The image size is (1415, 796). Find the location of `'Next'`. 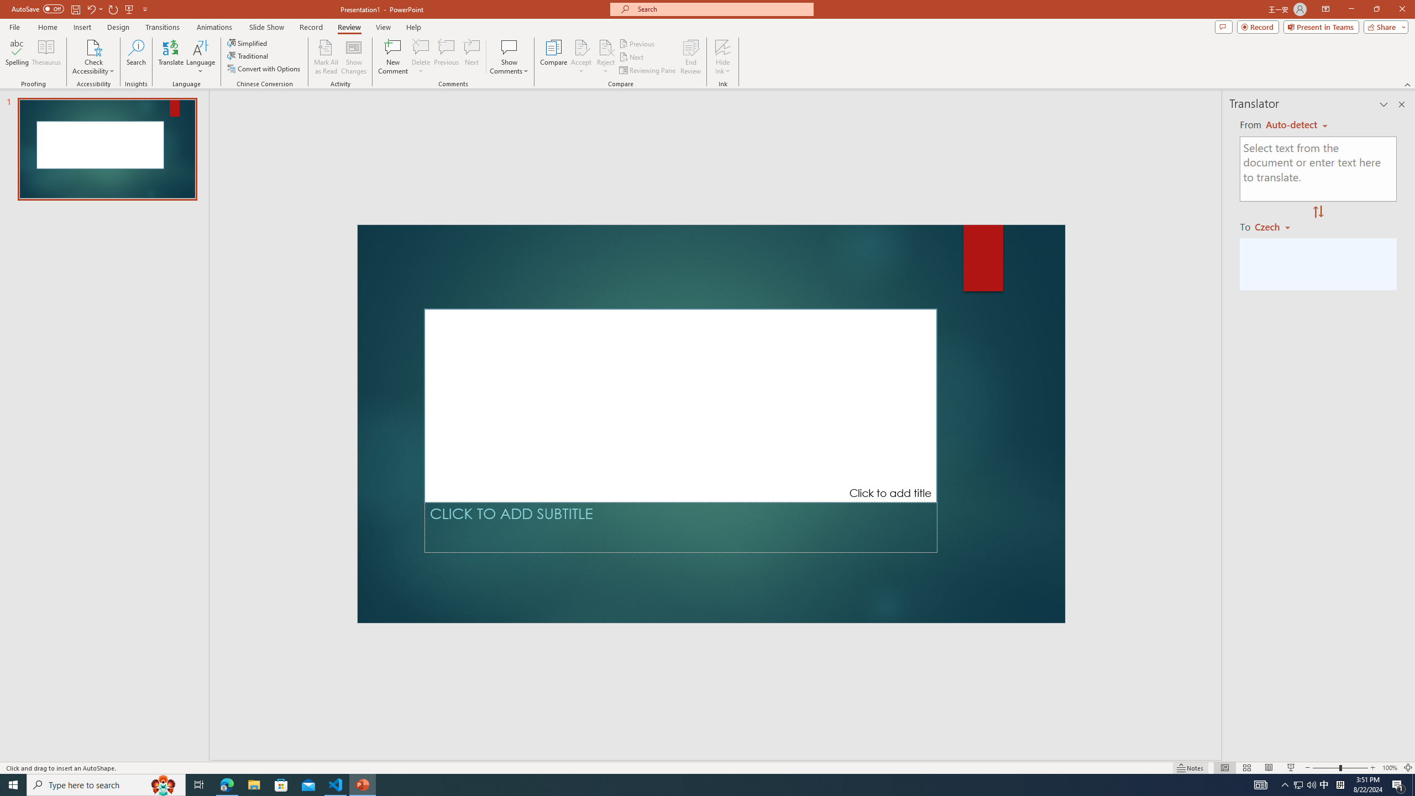

'Next' is located at coordinates (631, 57).